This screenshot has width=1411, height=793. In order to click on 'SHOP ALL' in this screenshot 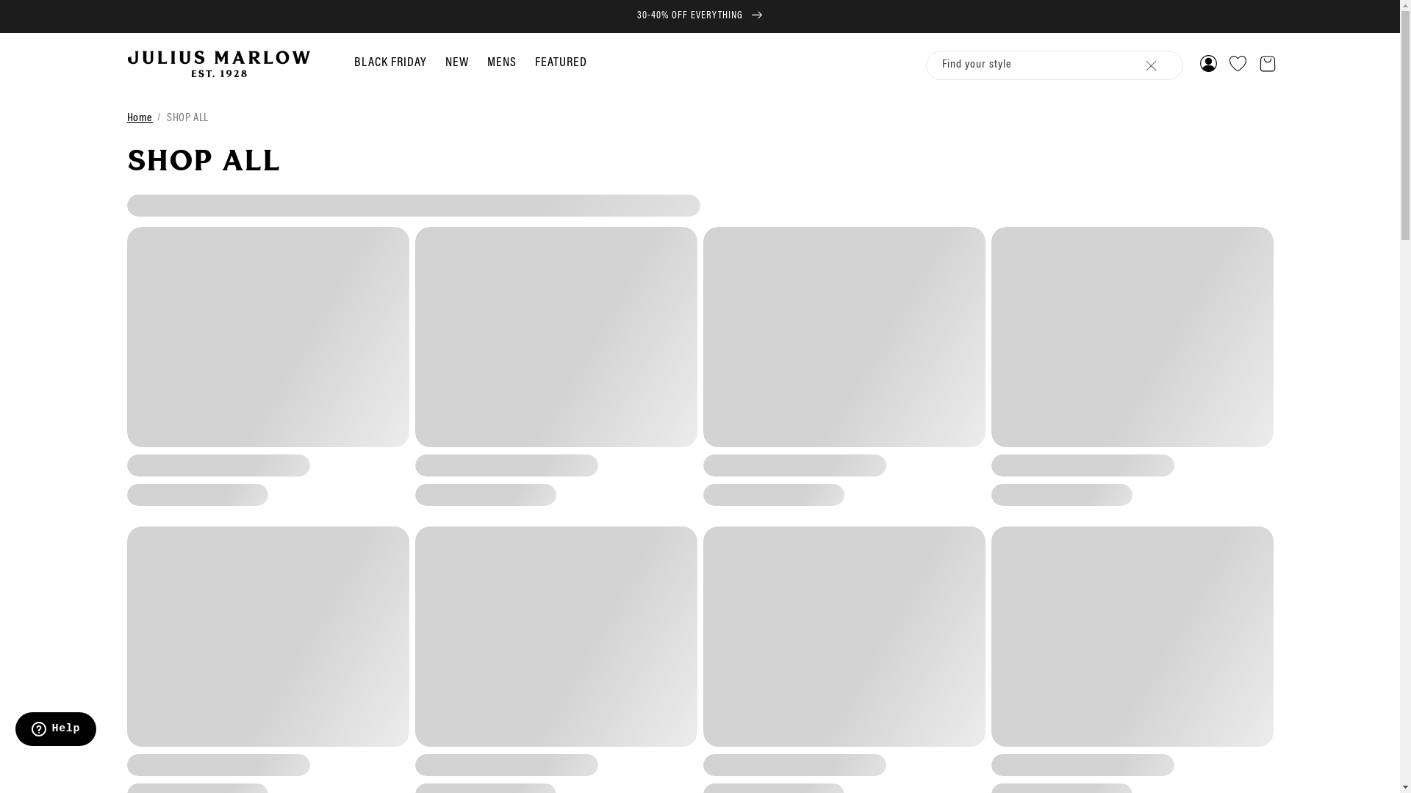, I will do `click(166, 117)`.